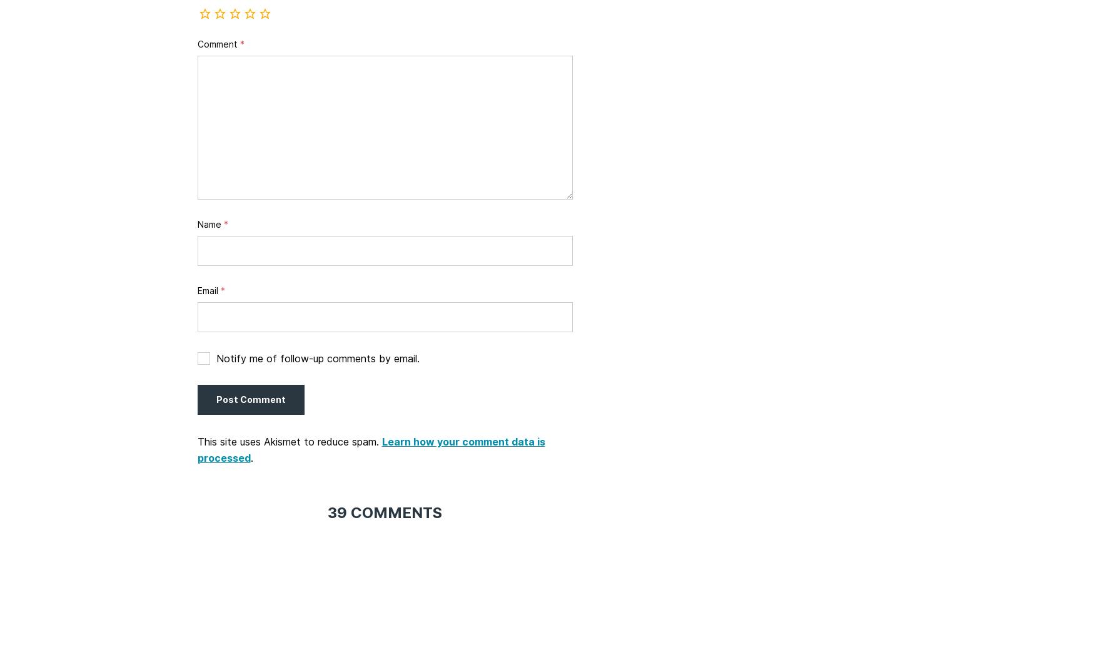 This screenshot has width=1095, height=672. What do you see at coordinates (233, 13) in the screenshot?
I see `'Rate this recipe'` at bounding box center [233, 13].